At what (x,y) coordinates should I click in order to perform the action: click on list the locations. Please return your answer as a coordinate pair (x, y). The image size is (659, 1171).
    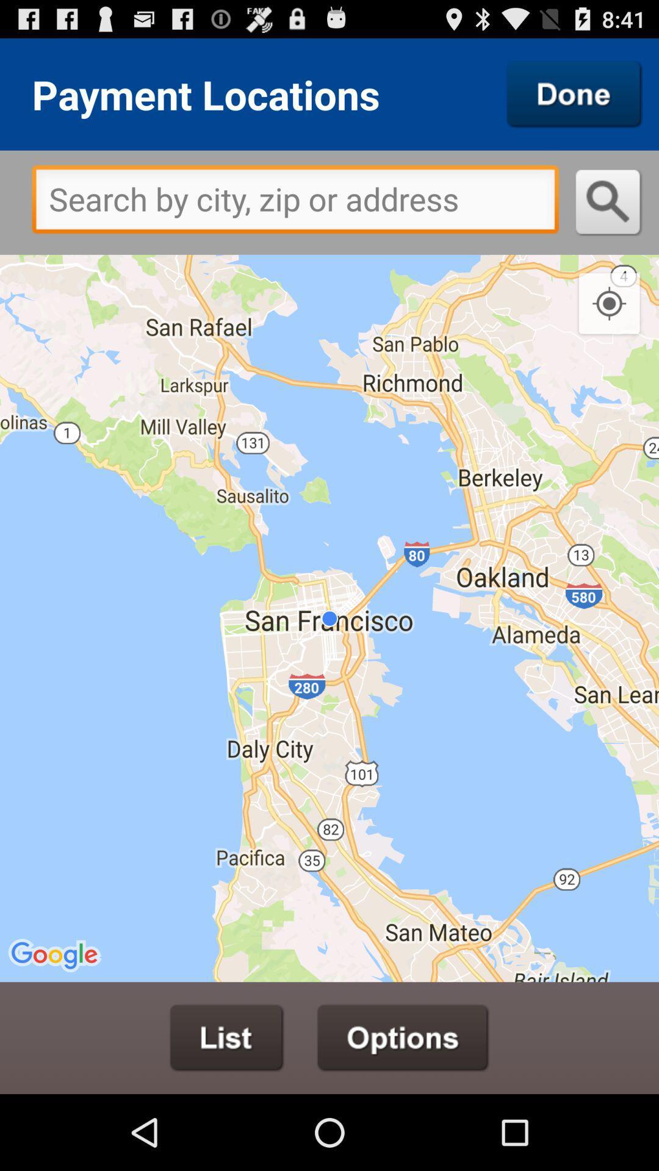
    Looking at the image, I should click on (226, 1037).